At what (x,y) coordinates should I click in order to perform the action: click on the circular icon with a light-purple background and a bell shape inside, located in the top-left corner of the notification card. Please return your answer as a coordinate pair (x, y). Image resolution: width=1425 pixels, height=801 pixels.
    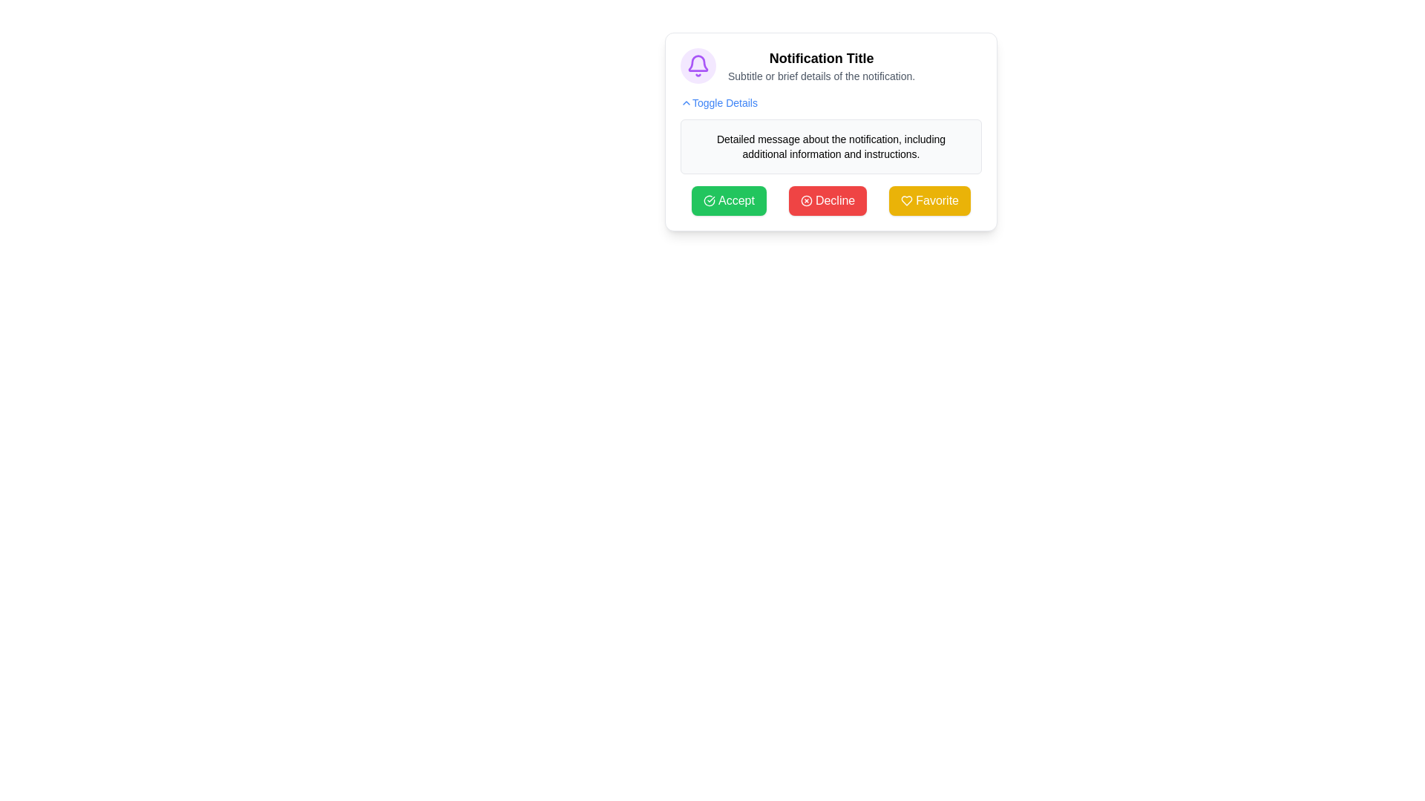
    Looking at the image, I should click on (697, 65).